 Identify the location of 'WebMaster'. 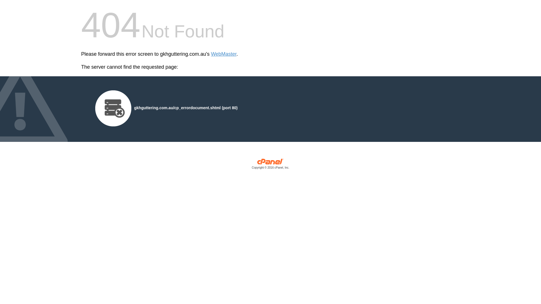
(223, 54).